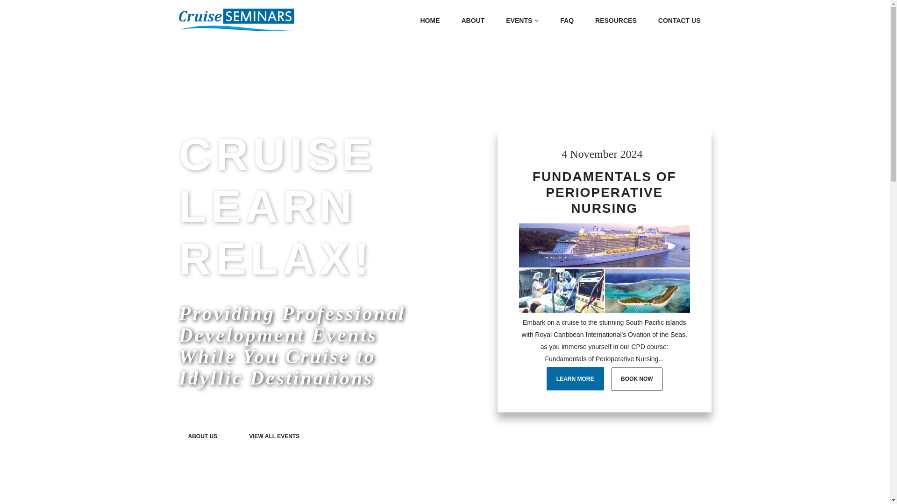  I want to click on 'RESOURCES', so click(587, 20).